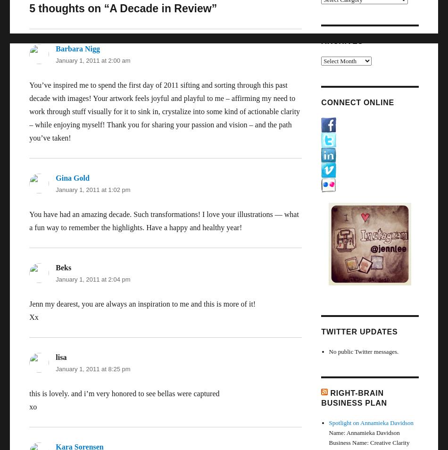 This screenshot has height=450, width=448. What do you see at coordinates (55, 60) in the screenshot?
I see `'January 1, 2011 at 2:00 am'` at bounding box center [55, 60].